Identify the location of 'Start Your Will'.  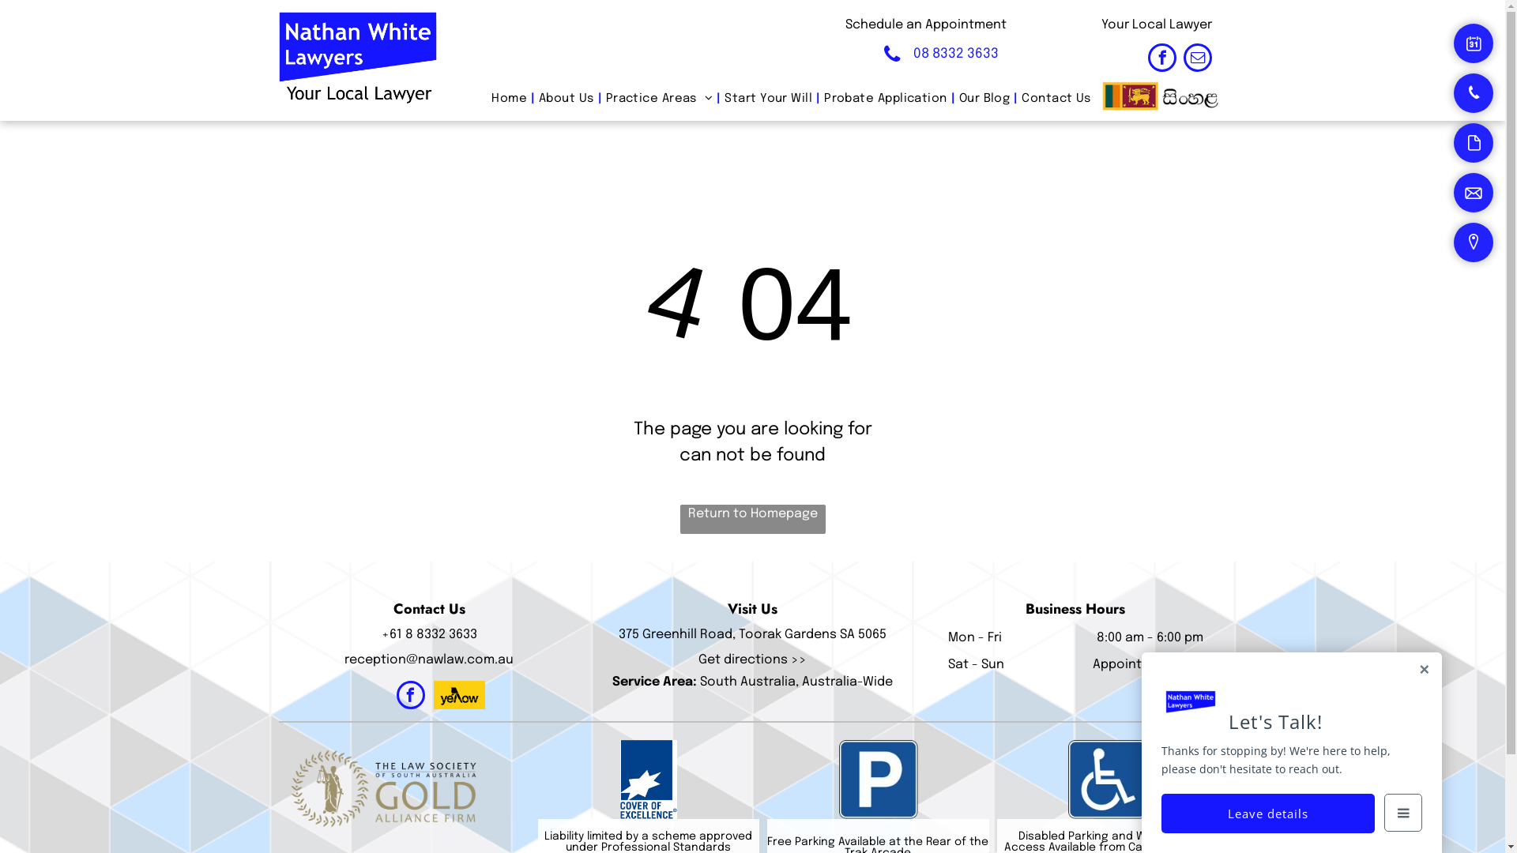
(768, 99).